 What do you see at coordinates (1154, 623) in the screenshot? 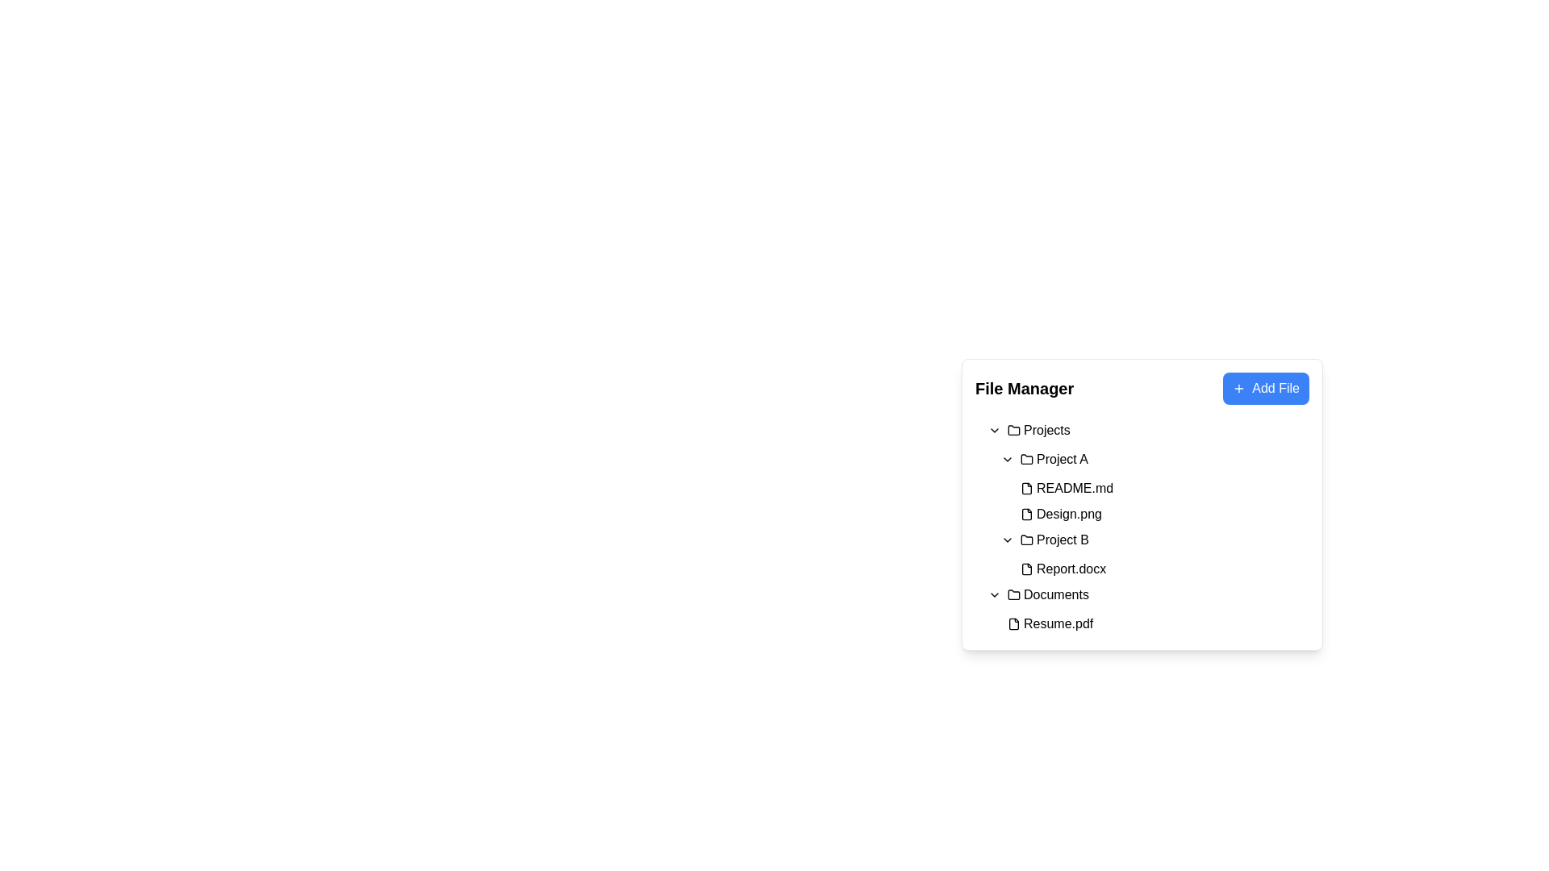
I see `the List item representing the file 'Resume.pdf' in the Documents folder` at bounding box center [1154, 623].